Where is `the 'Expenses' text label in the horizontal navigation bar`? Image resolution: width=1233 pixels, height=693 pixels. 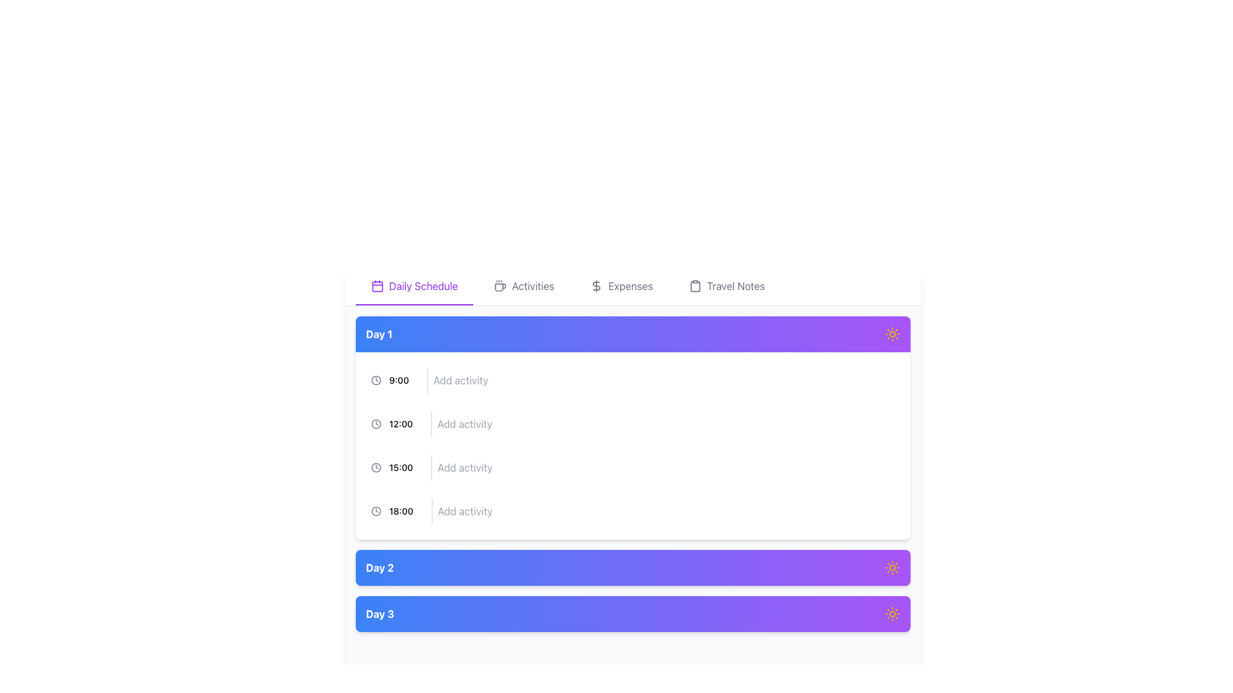 the 'Expenses' text label in the horizontal navigation bar is located at coordinates (631, 286).